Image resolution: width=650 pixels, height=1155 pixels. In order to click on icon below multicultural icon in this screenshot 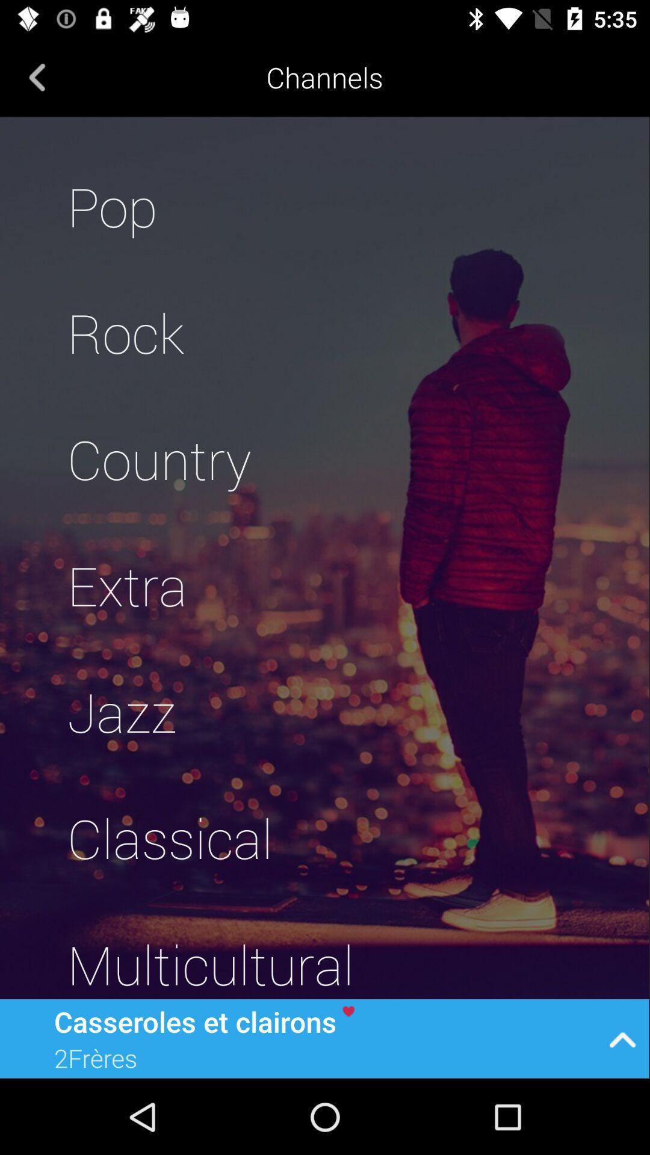, I will do `click(622, 1038)`.